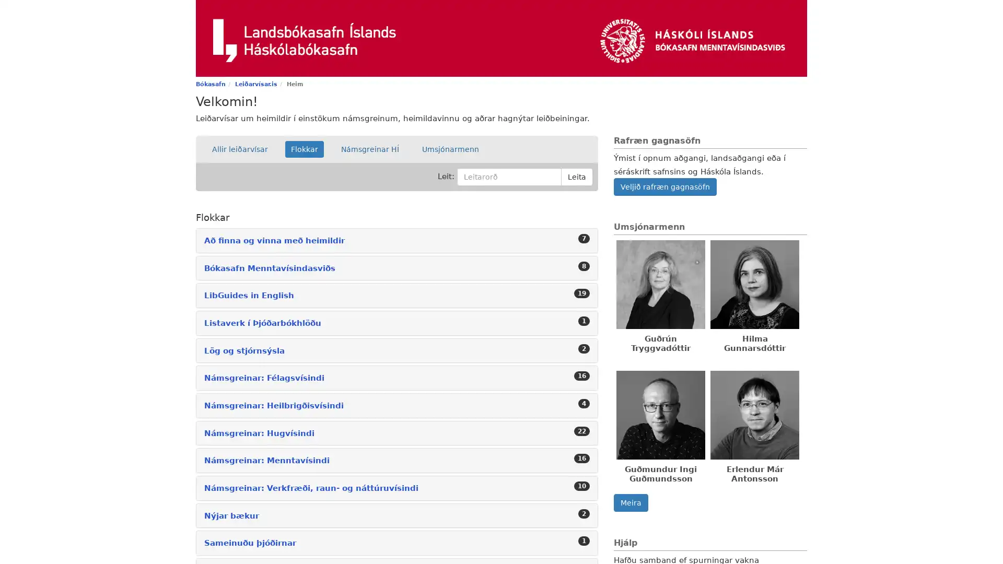 Image resolution: width=1003 pixels, height=564 pixels. Describe the element at coordinates (450, 149) in the screenshot. I see `Umsjonarmenn` at that location.